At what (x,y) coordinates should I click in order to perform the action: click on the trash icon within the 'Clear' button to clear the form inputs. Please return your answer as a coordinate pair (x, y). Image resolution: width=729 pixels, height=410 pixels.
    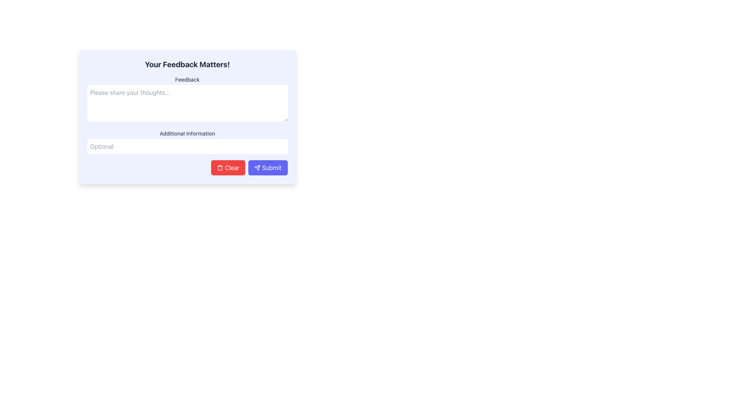
    Looking at the image, I should click on (220, 167).